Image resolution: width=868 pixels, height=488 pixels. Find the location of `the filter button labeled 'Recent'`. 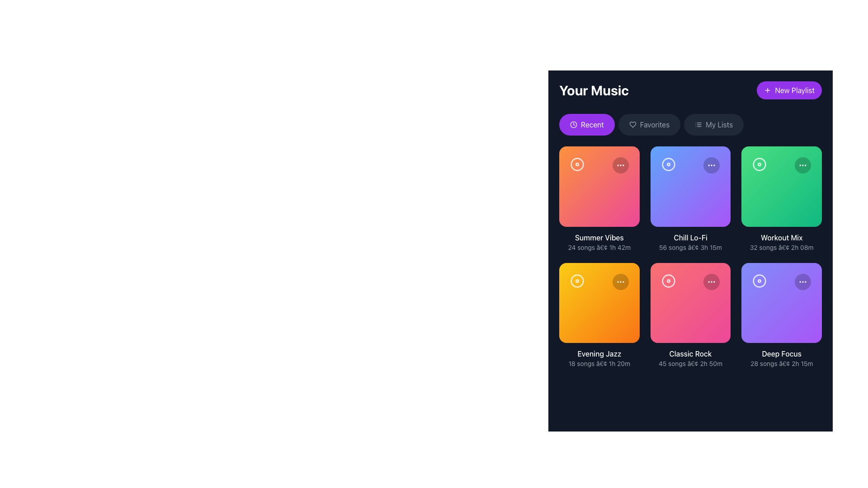

the filter button labeled 'Recent' is located at coordinates (586, 125).